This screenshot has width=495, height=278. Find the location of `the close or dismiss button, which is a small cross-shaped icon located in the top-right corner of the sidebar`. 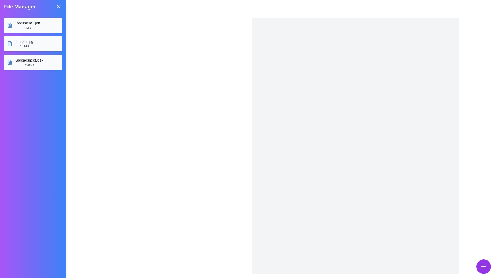

the close or dismiss button, which is a small cross-shaped icon located in the top-right corner of the sidebar is located at coordinates (59, 7).